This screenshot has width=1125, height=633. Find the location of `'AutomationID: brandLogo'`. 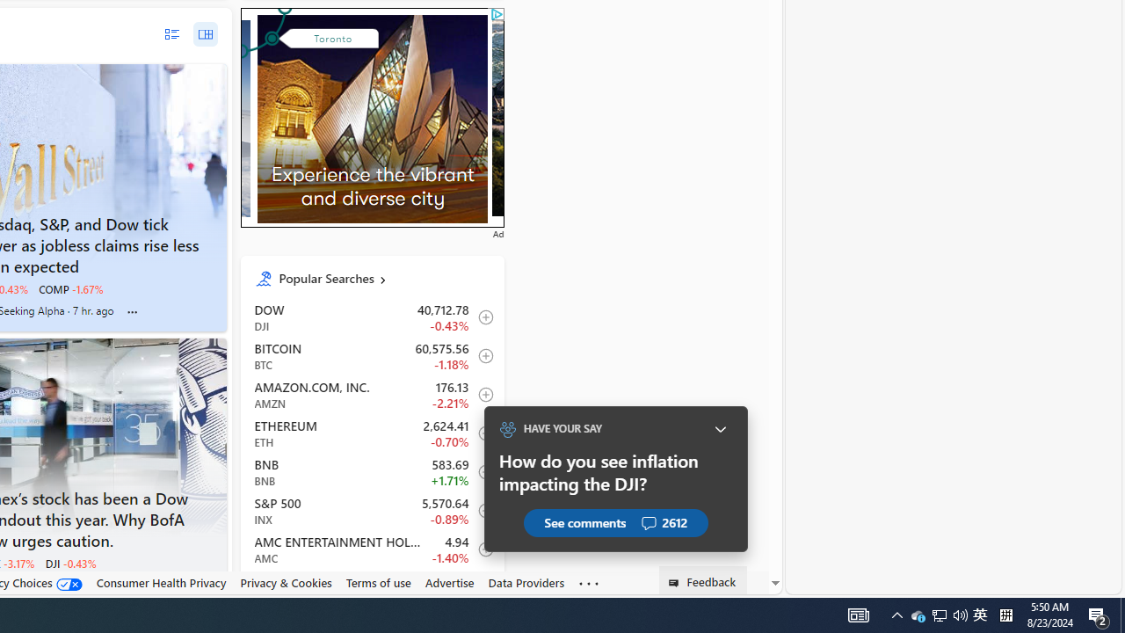

'AutomationID: brandLogo' is located at coordinates (365, 127).